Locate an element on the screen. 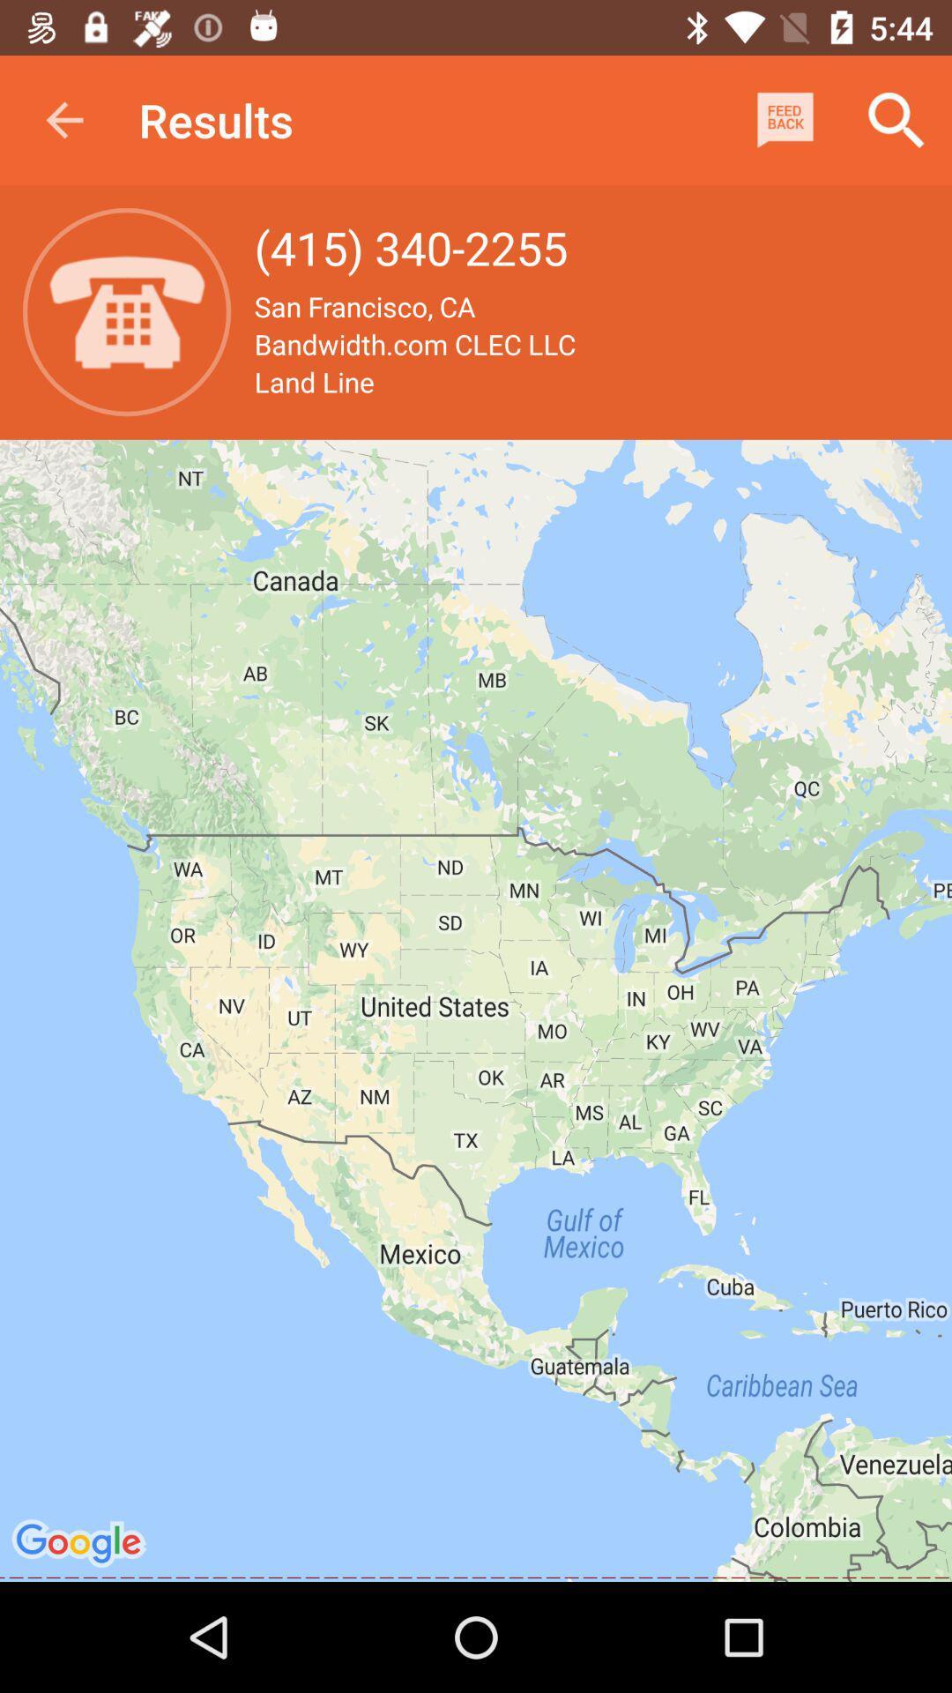 This screenshot has height=1693, width=952. the app next to the results item is located at coordinates (785, 119).